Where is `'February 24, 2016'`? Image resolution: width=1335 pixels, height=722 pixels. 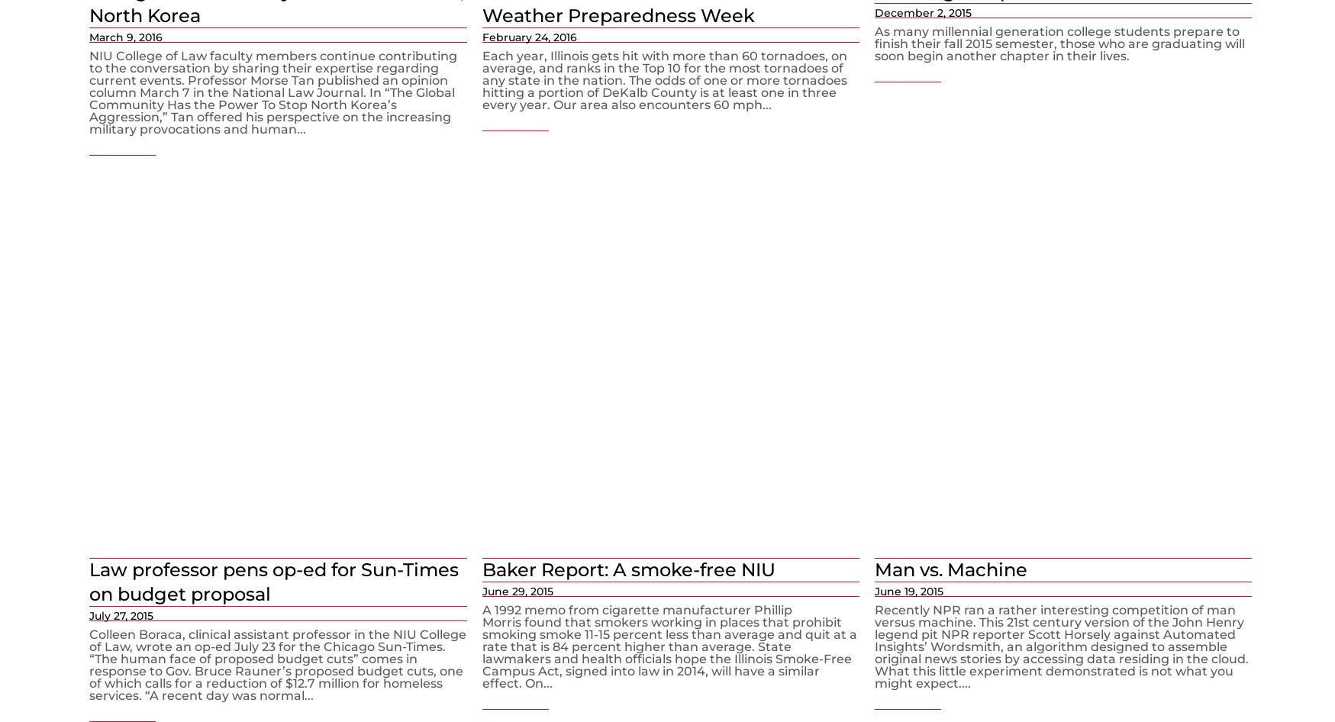
'February 24, 2016' is located at coordinates (527, 36).